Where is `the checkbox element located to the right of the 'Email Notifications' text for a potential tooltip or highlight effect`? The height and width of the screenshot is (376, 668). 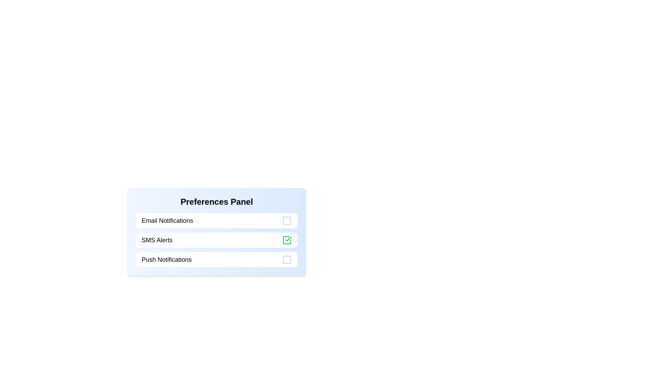 the checkbox element located to the right of the 'Email Notifications' text for a potential tooltip or highlight effect is located at coordinates (287, 220).